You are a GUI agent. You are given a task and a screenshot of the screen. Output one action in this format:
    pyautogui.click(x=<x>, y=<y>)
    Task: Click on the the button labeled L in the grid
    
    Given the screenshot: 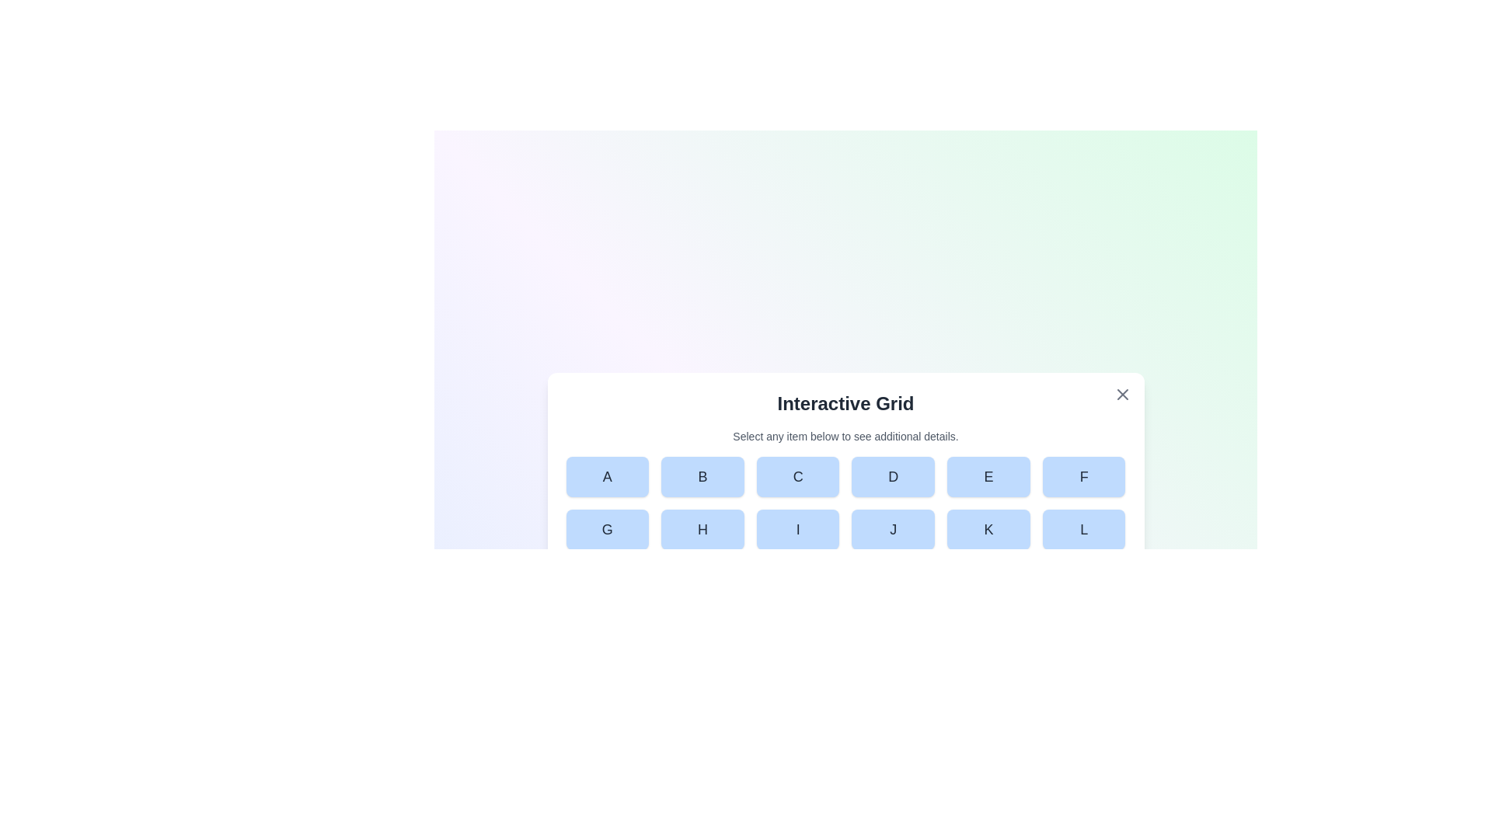 What is the action you would take?
    pyautogui.click(x=1083, y=529)
    